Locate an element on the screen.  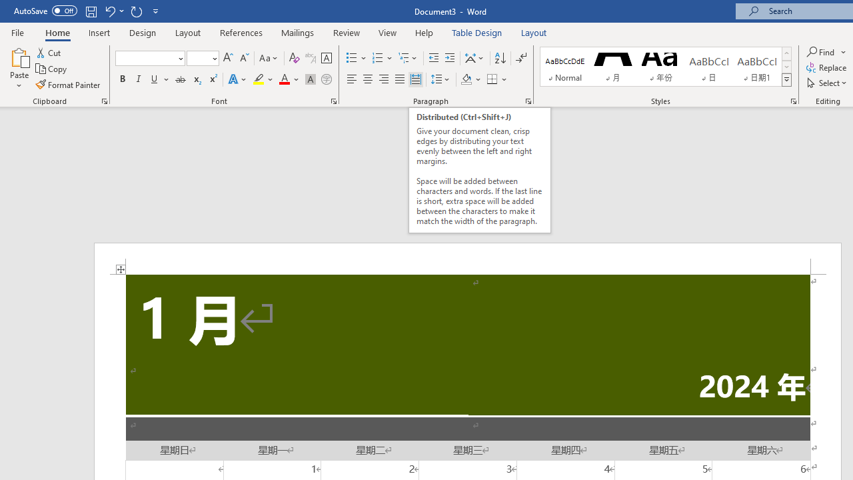
'AutomationID: QuickStylesGallery' is located at coordinates (666, 67).